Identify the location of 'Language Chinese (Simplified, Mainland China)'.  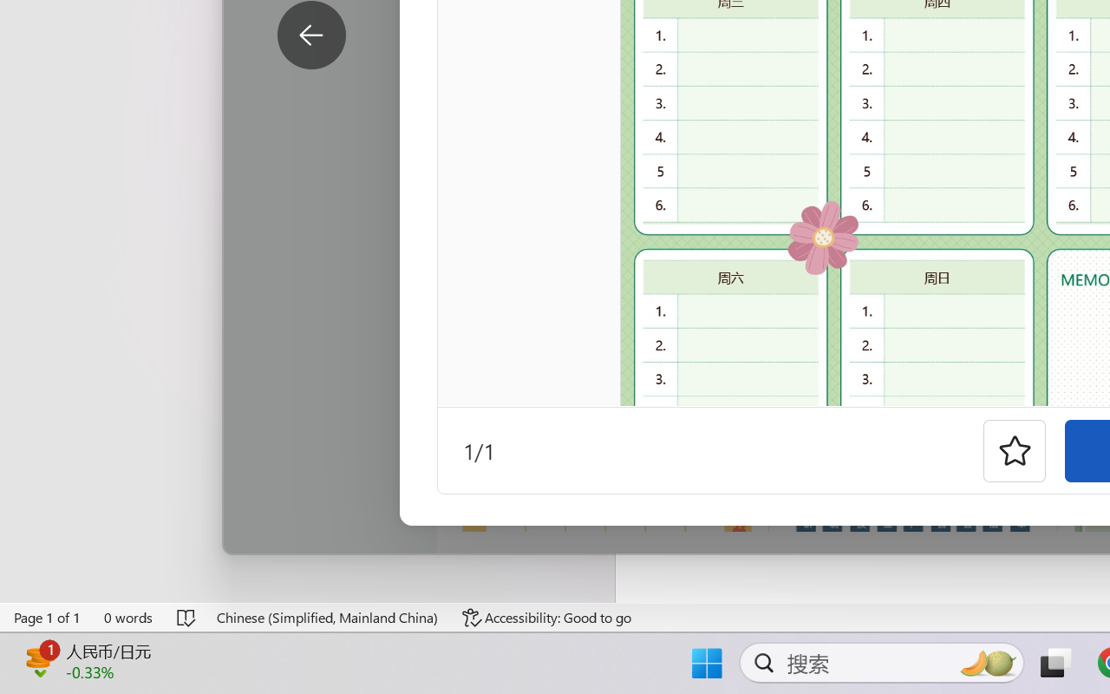
(328, 617).